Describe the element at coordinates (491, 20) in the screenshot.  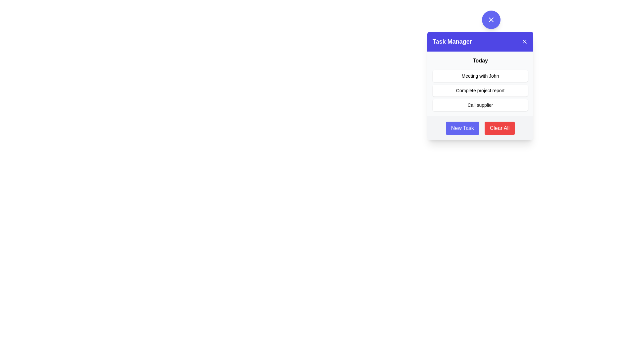
I see `the button located above the 'Task Manager' module` at that location.